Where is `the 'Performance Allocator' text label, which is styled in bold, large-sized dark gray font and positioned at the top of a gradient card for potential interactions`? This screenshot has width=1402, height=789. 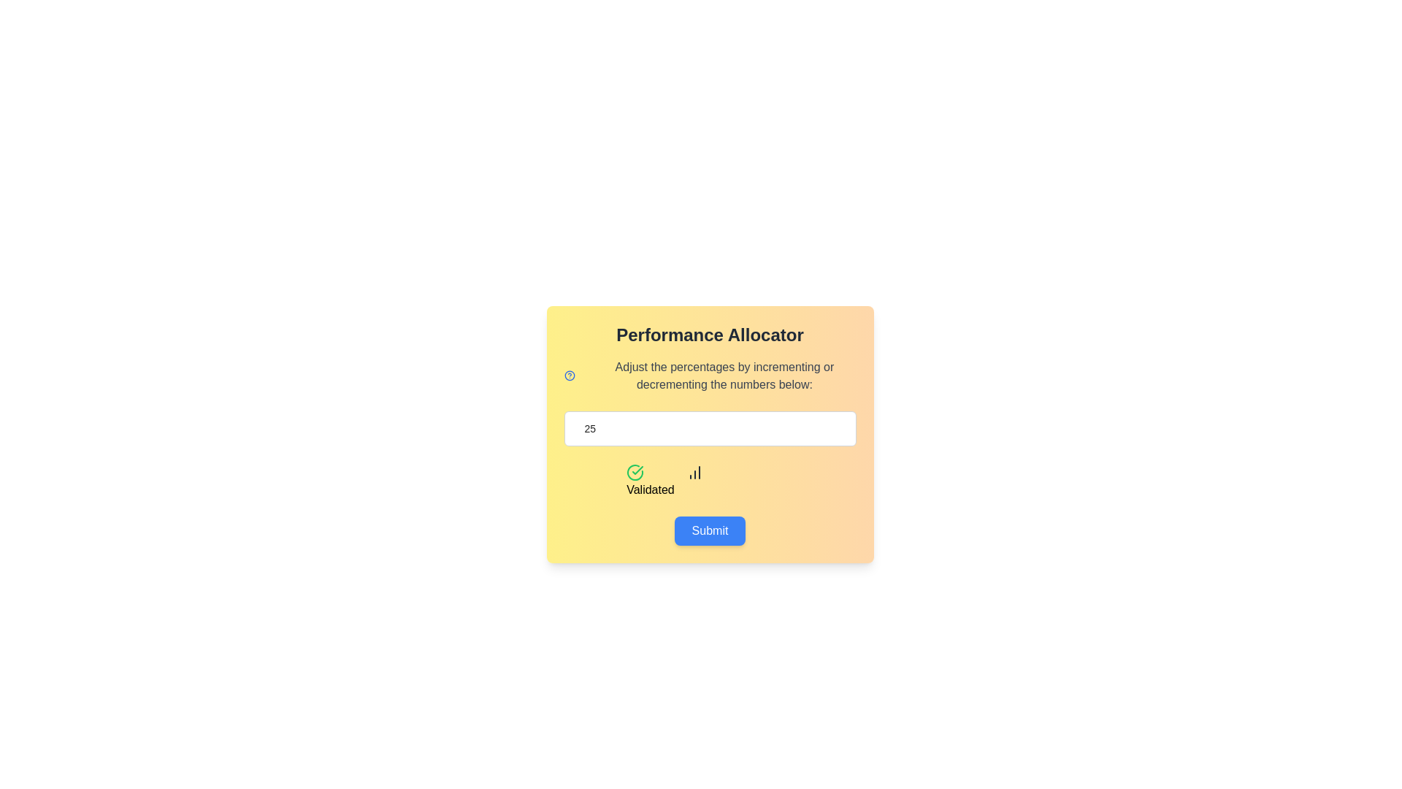
the 'Performance Allocator' text label, which is styled in bold, large-sized dark gray font and positioned at the top of a gradient card for potential interactions is located at coordinates (710, 335).